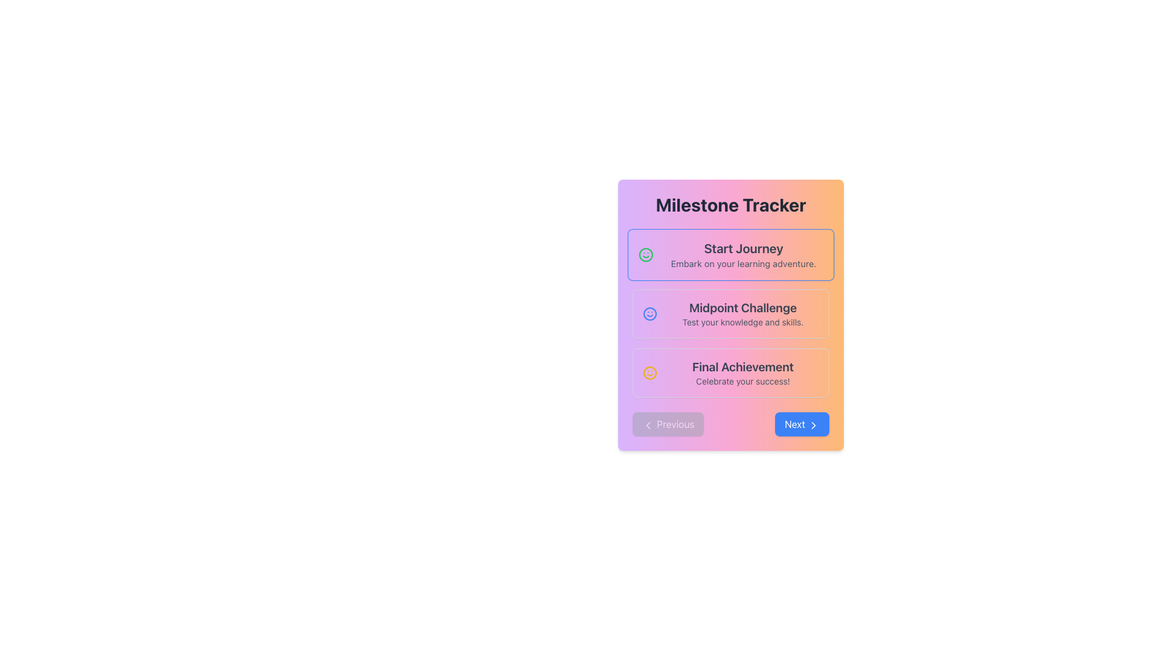 Image resolution: width=1159 pixels, height=651 pixels. What do you see at coordinates (742, 366) in the screenshot?
I see `text of the 'Final Achievement' label, which is styled with a bold, large font size and gray color, located in the 'Milestone Tracker' card` at bounding box center [742, 366].